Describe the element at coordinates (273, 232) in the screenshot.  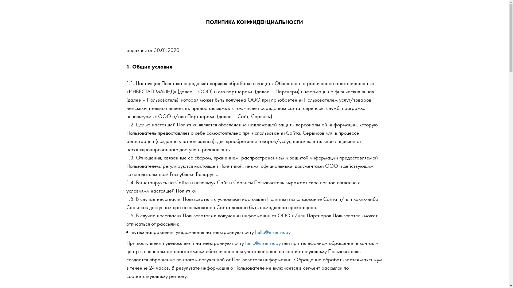
I see `'hello@insense.by'` at that location.